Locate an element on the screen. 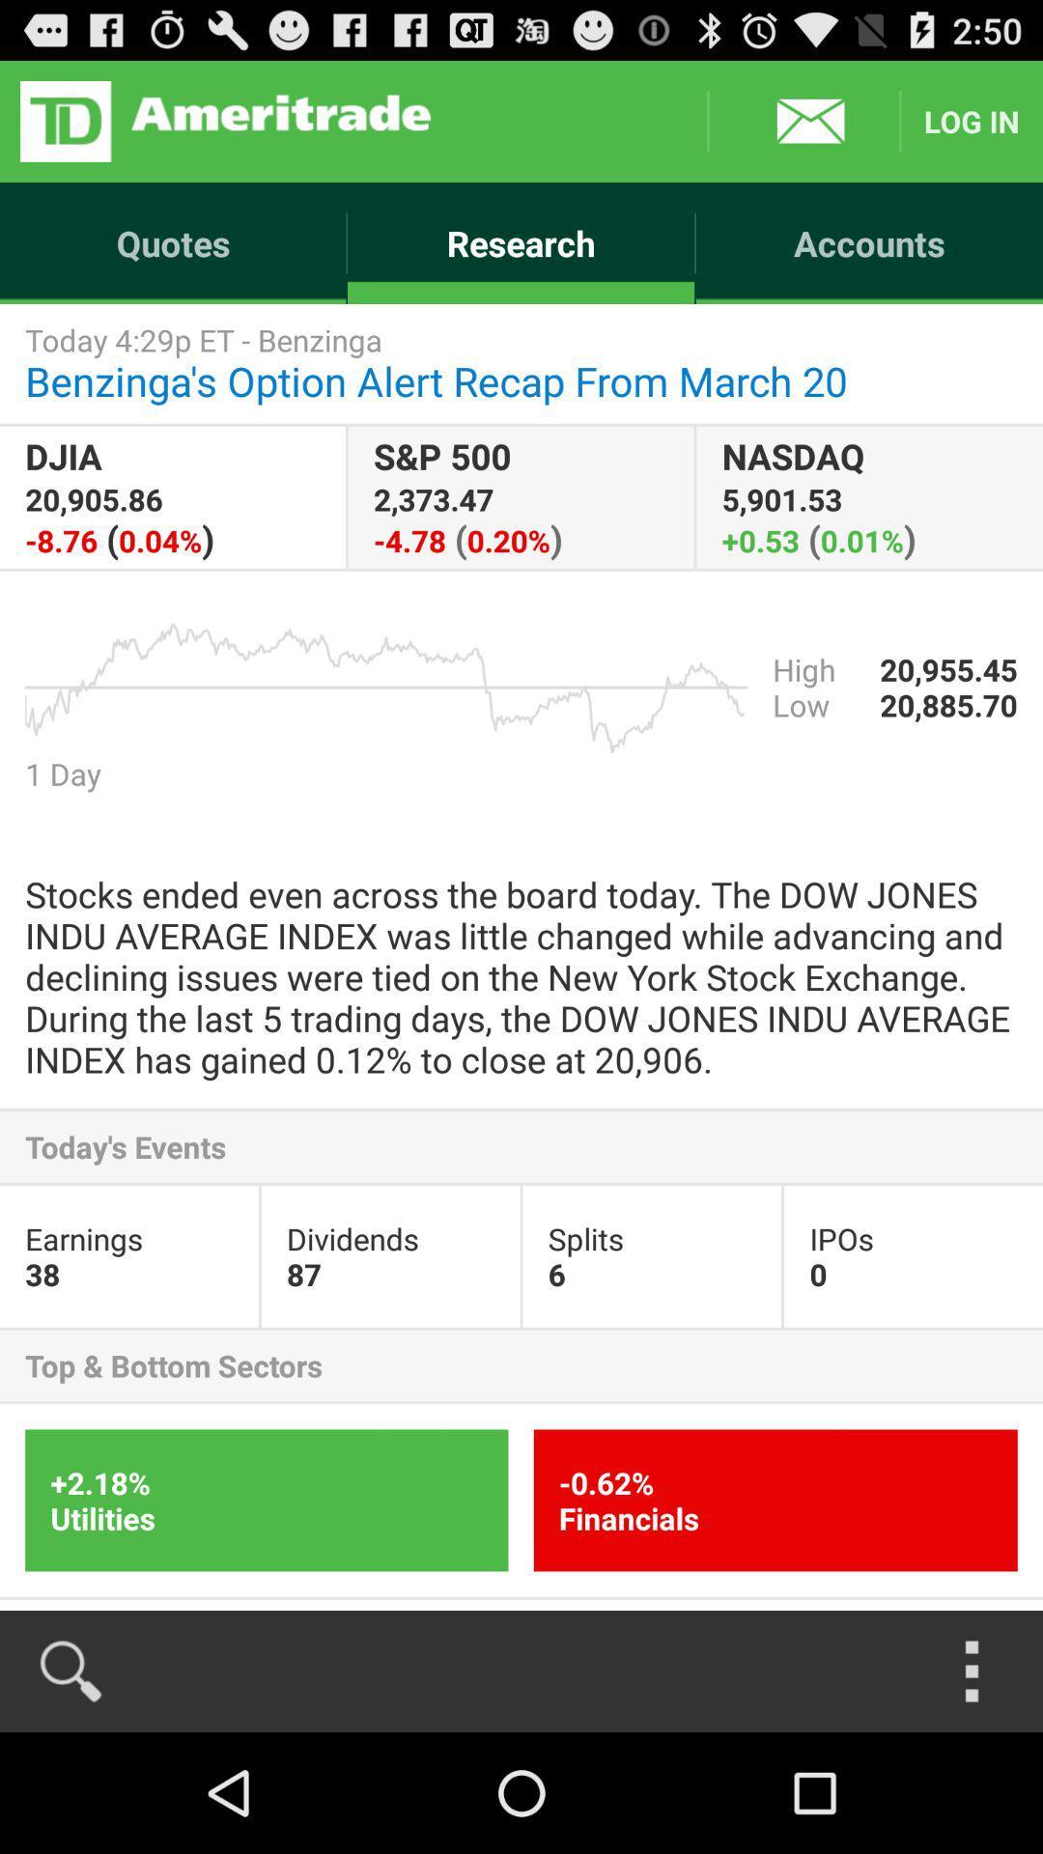 The image size is (1043, 1854). app next to the research app is located at coordinates (172, 242).